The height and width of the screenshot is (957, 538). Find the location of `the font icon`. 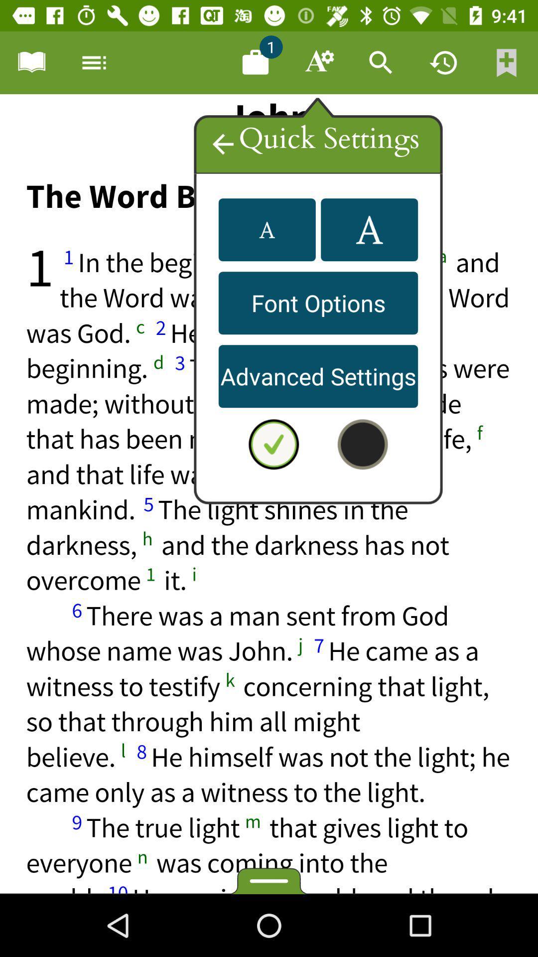

the font icon is located at coordinates (267, 229).